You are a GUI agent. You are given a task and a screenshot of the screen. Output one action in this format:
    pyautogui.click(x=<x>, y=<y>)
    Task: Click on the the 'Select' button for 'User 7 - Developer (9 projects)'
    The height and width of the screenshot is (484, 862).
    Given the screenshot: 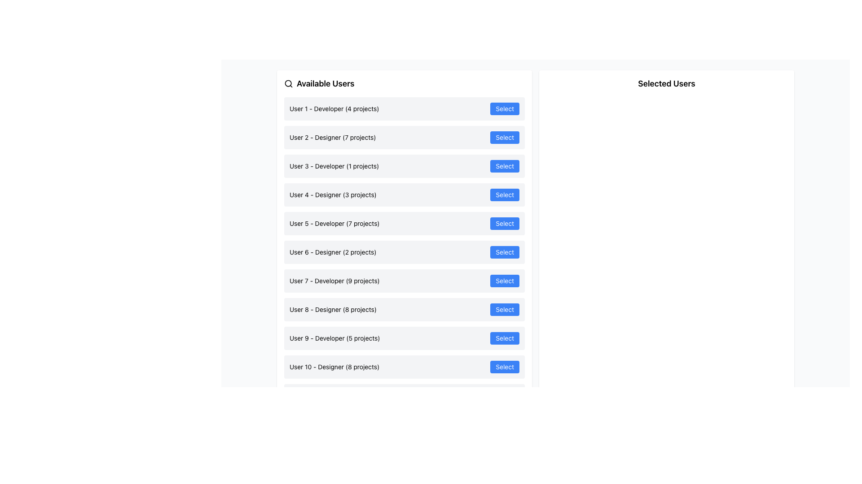 What is the action you would take?
    pyautogui.click(x=505, y=281)
    